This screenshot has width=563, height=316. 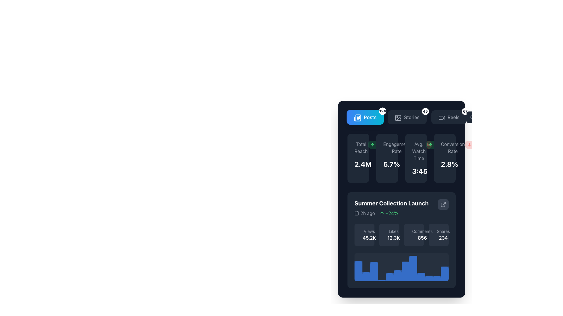 I want to click on the upward trend icon located in the percentage change section of the 'Summer Collection Launch' metric block, so click(x=382, y=213).